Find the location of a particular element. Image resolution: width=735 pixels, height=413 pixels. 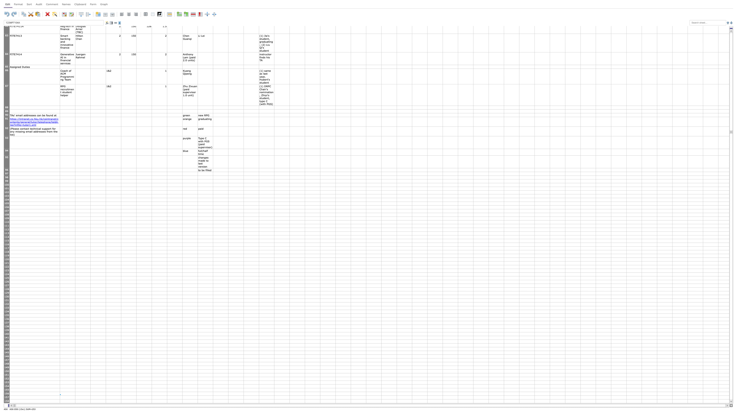

to select row 155 is located at coordinates (7, 390).